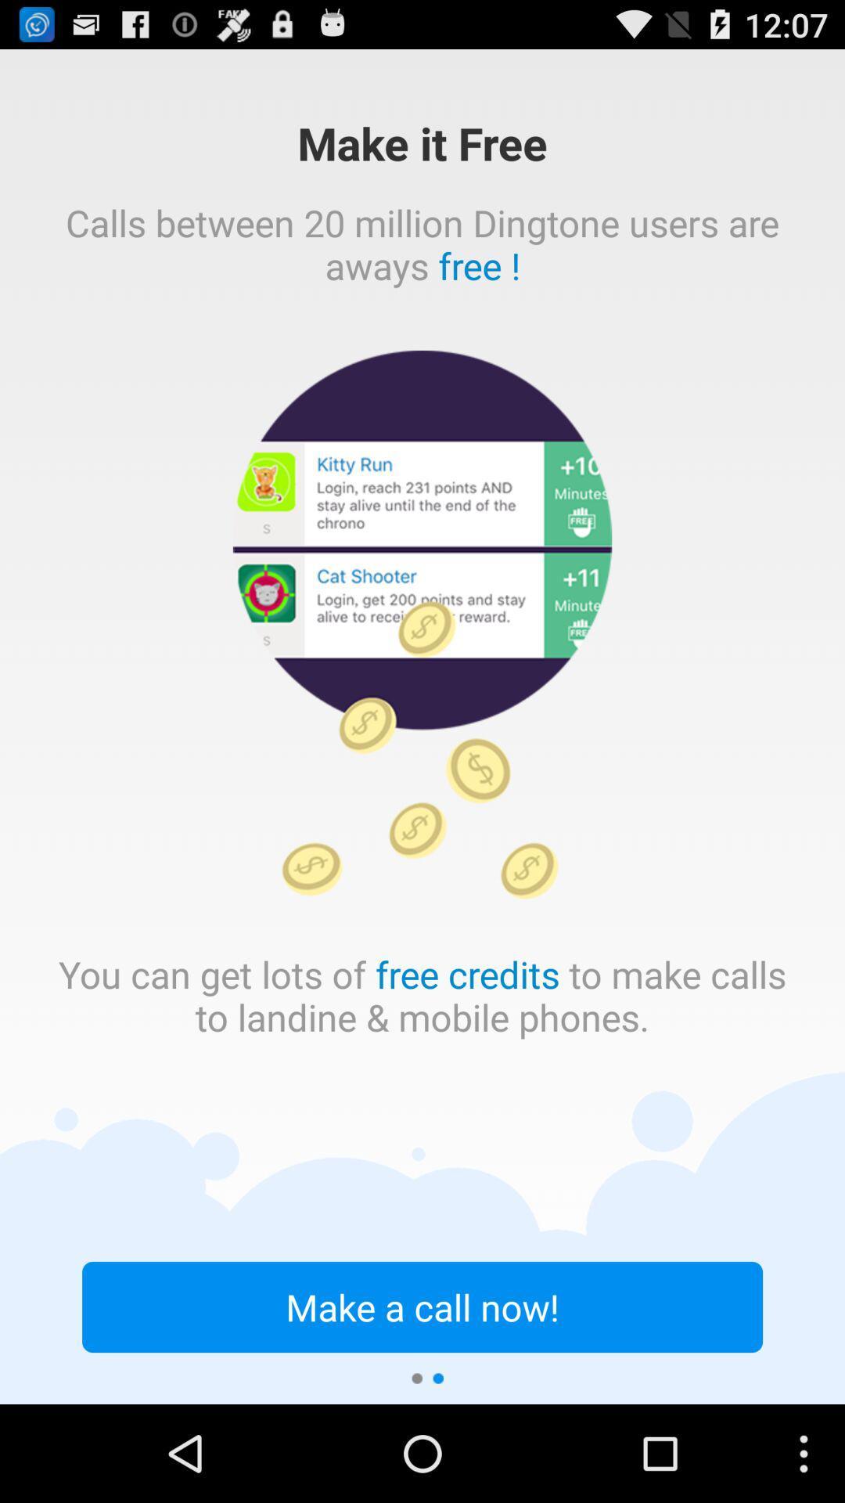 Image resolution: width=845 pixels, height=1503 pixels. Describe the element at coordinates (422, 1307) in the screenshot. I see `item below the you can get` at that location.